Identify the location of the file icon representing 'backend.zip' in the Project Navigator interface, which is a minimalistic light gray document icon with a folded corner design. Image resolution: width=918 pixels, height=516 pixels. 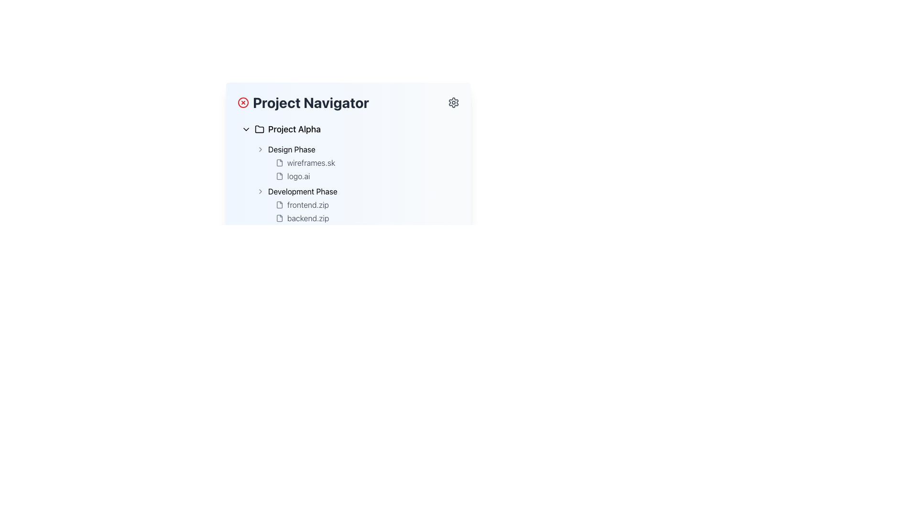
(279, 218).